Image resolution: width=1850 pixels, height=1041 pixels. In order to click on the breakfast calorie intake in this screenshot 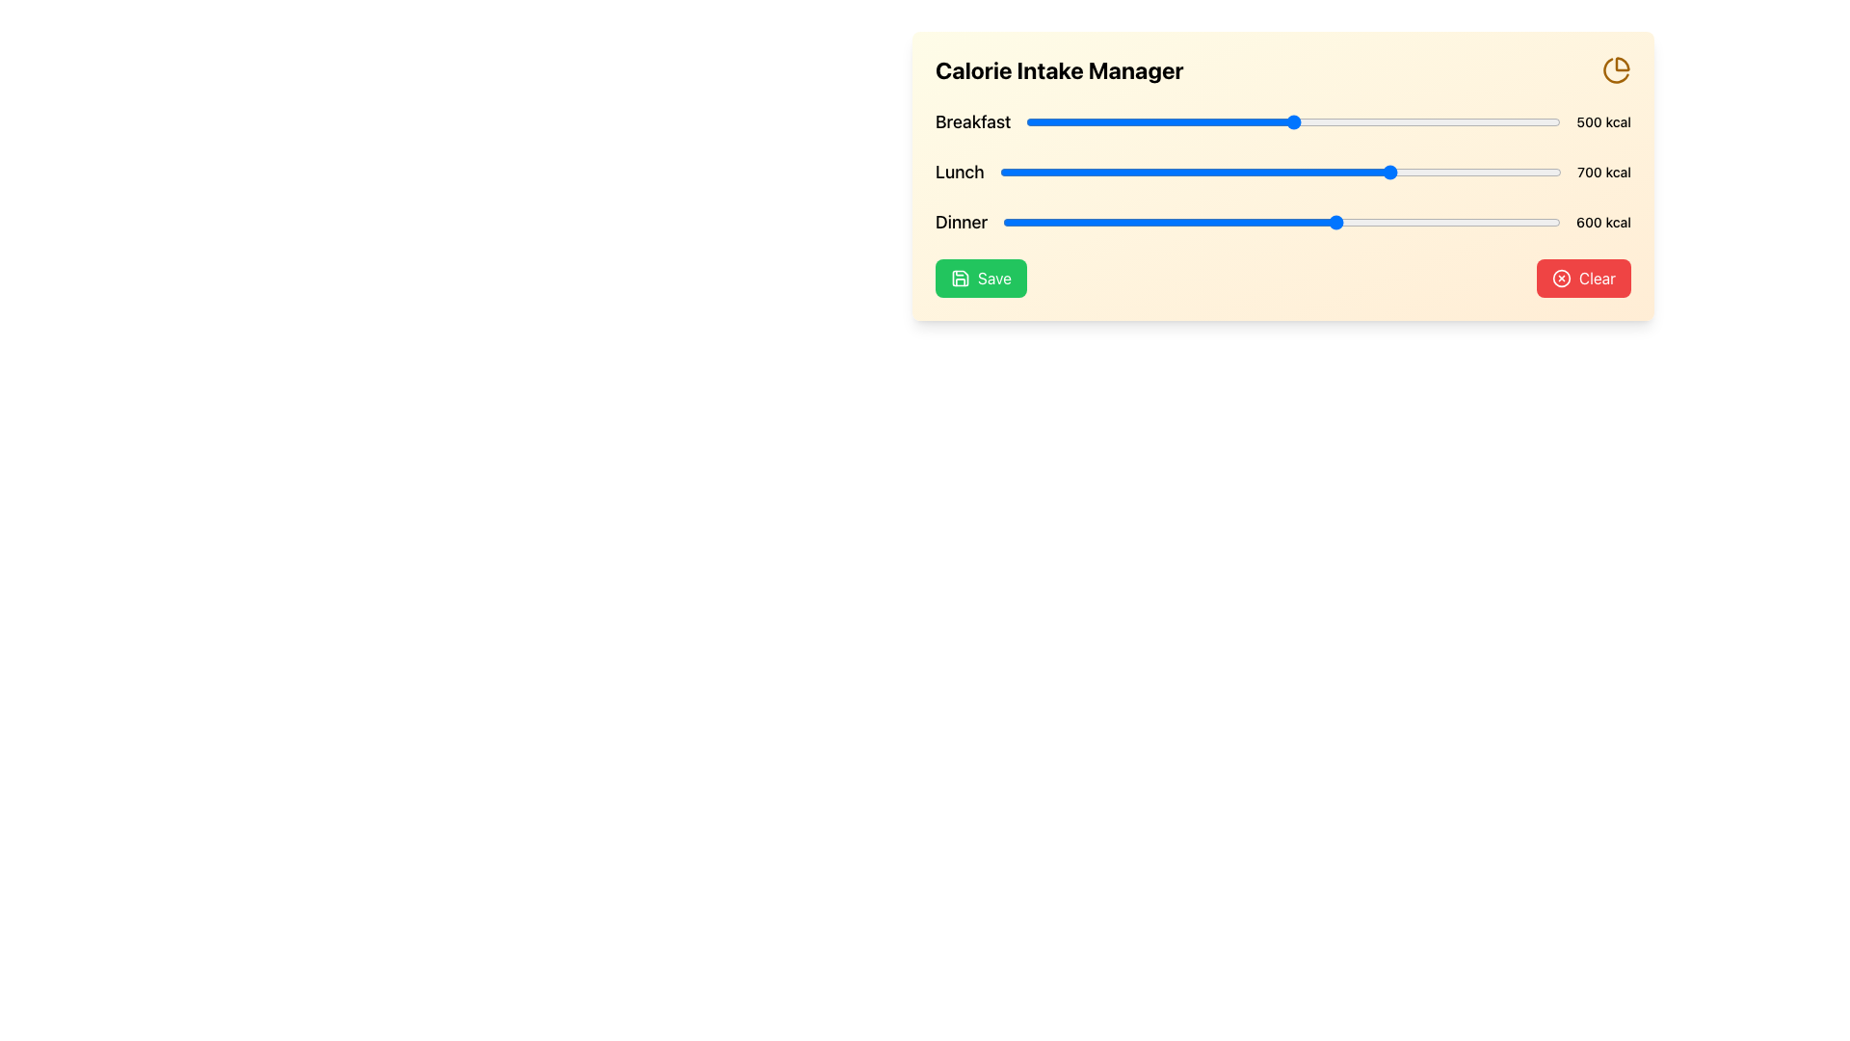, I will do `click(1332, 122)`.